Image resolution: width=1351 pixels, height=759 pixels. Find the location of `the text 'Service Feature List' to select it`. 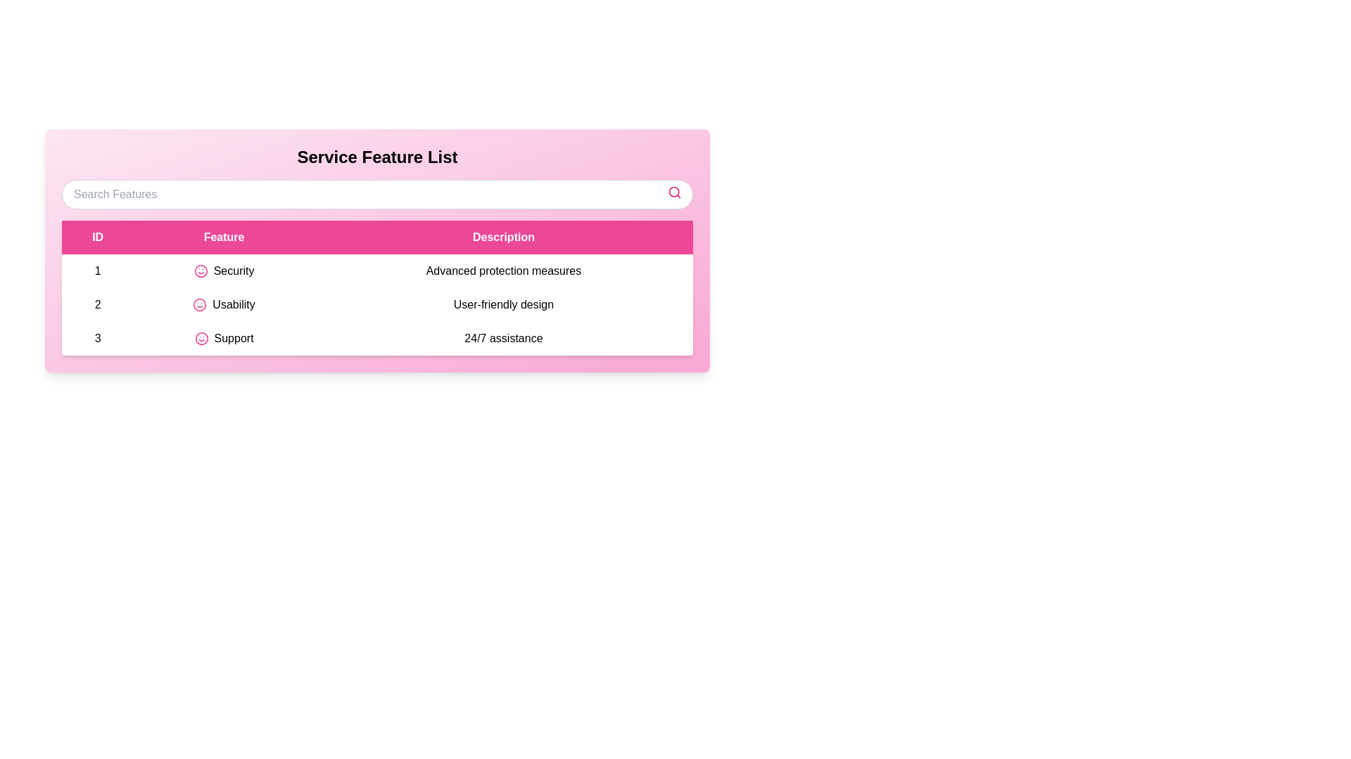

the text 'Service Feature List' to select it is located at coordinates (377, 157).